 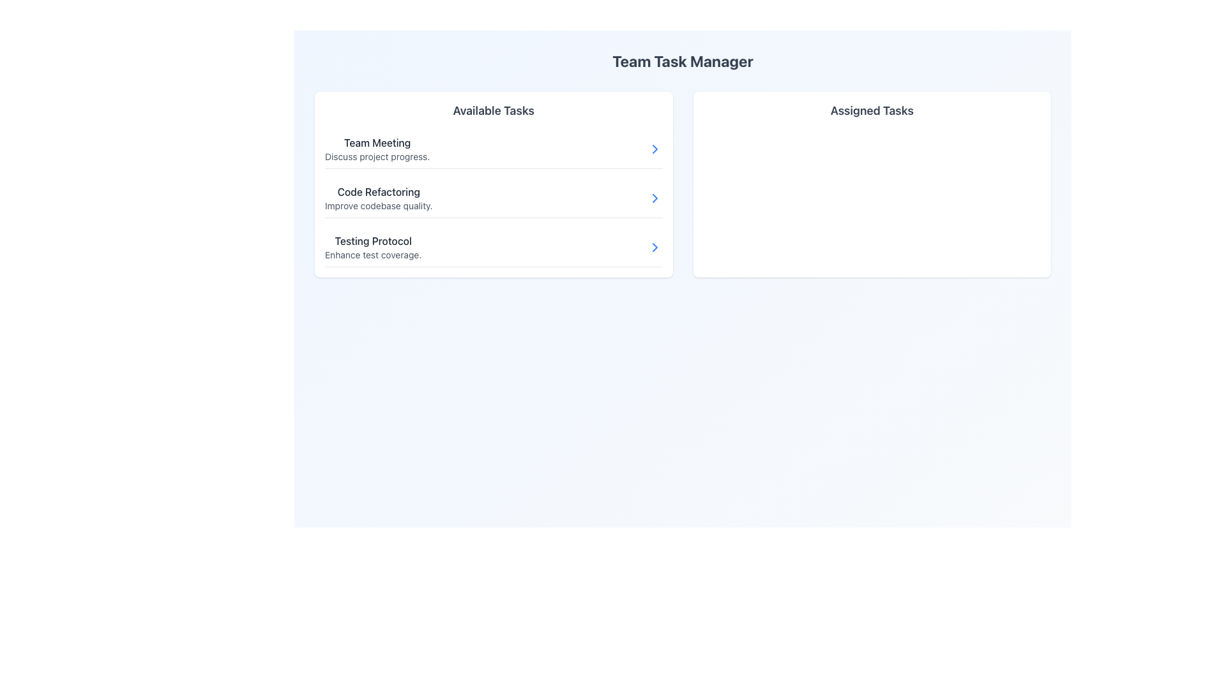 I want to click on the text label representing the title 'Team Meeting', which is the first item in the task card located in the 'Available Tasks' column, so click(x=377, y=142).